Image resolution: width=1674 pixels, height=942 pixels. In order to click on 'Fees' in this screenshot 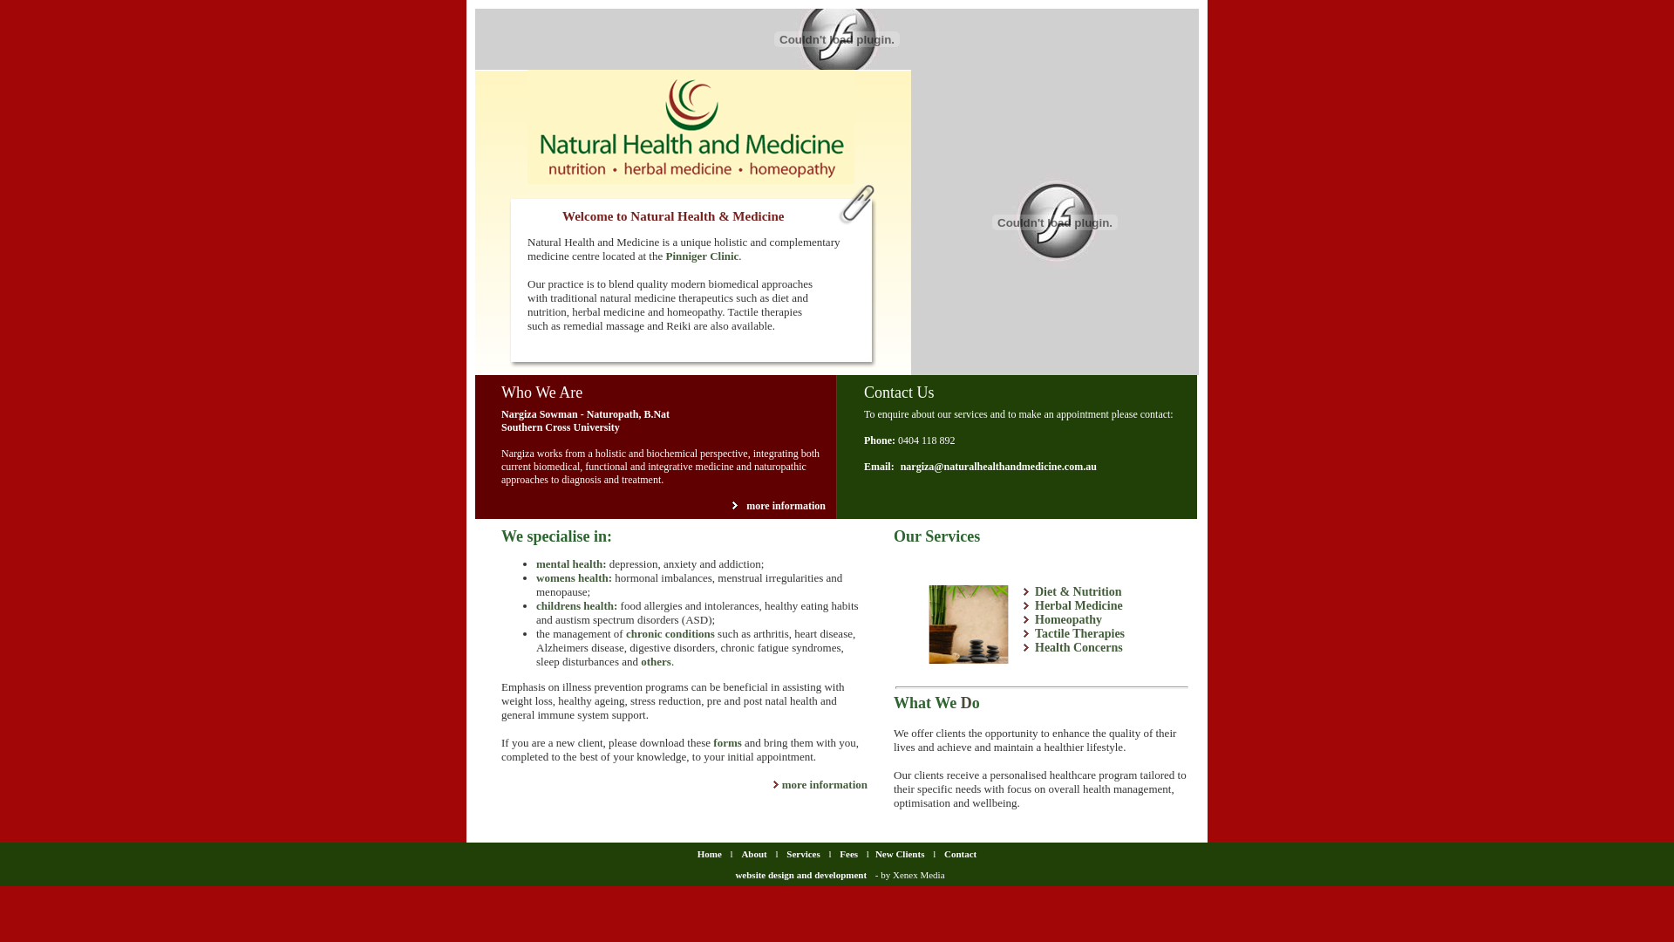, I will do `click(848, 853)`.